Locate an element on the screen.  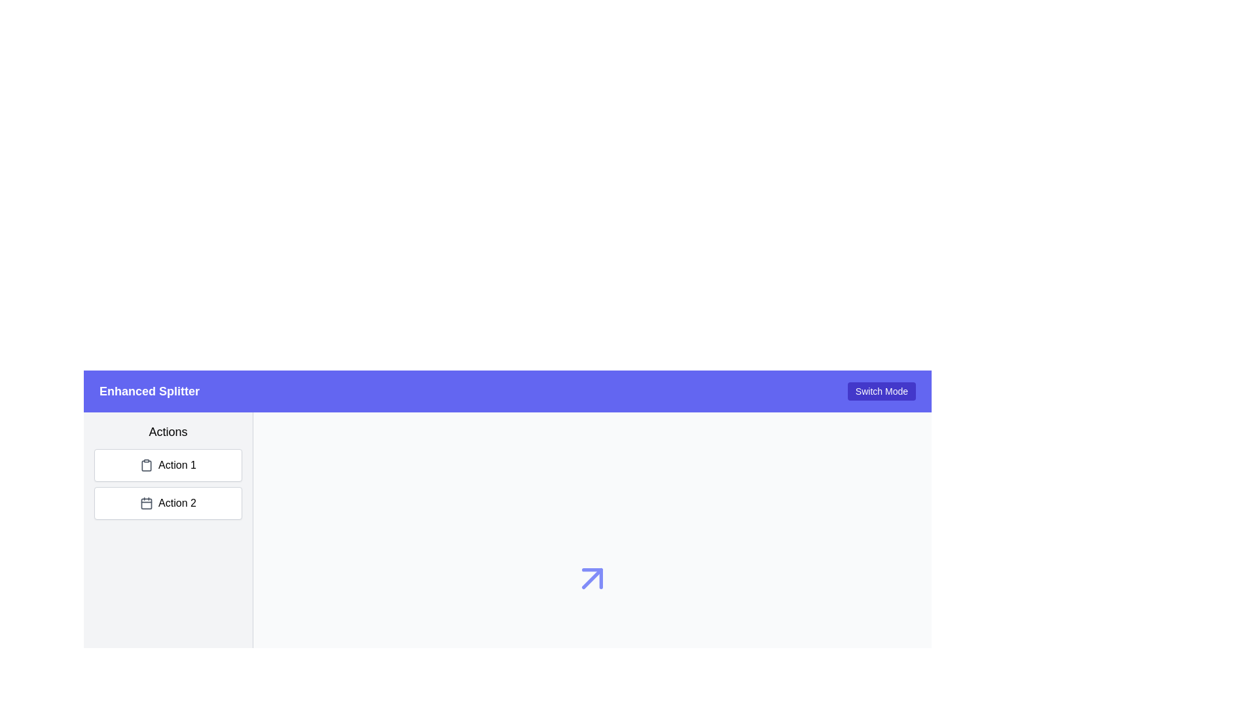
the Text Label located at the far left of the header bar, which serves as a title for the section is located at coordinates (149, 390).